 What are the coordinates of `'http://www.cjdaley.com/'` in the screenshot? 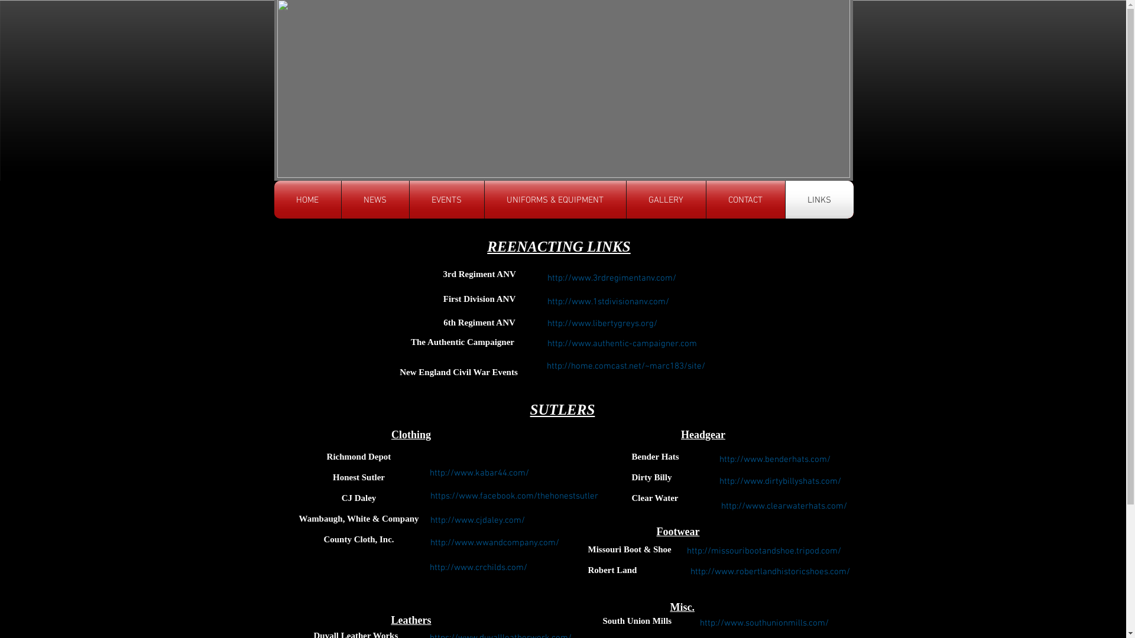 It's located at (477, 519).